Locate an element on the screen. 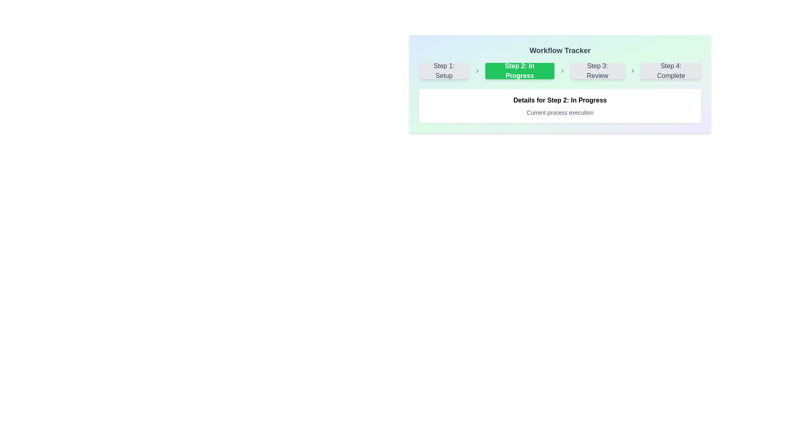  the 'Step 3: Review' button is located at coordinates (597, 70).